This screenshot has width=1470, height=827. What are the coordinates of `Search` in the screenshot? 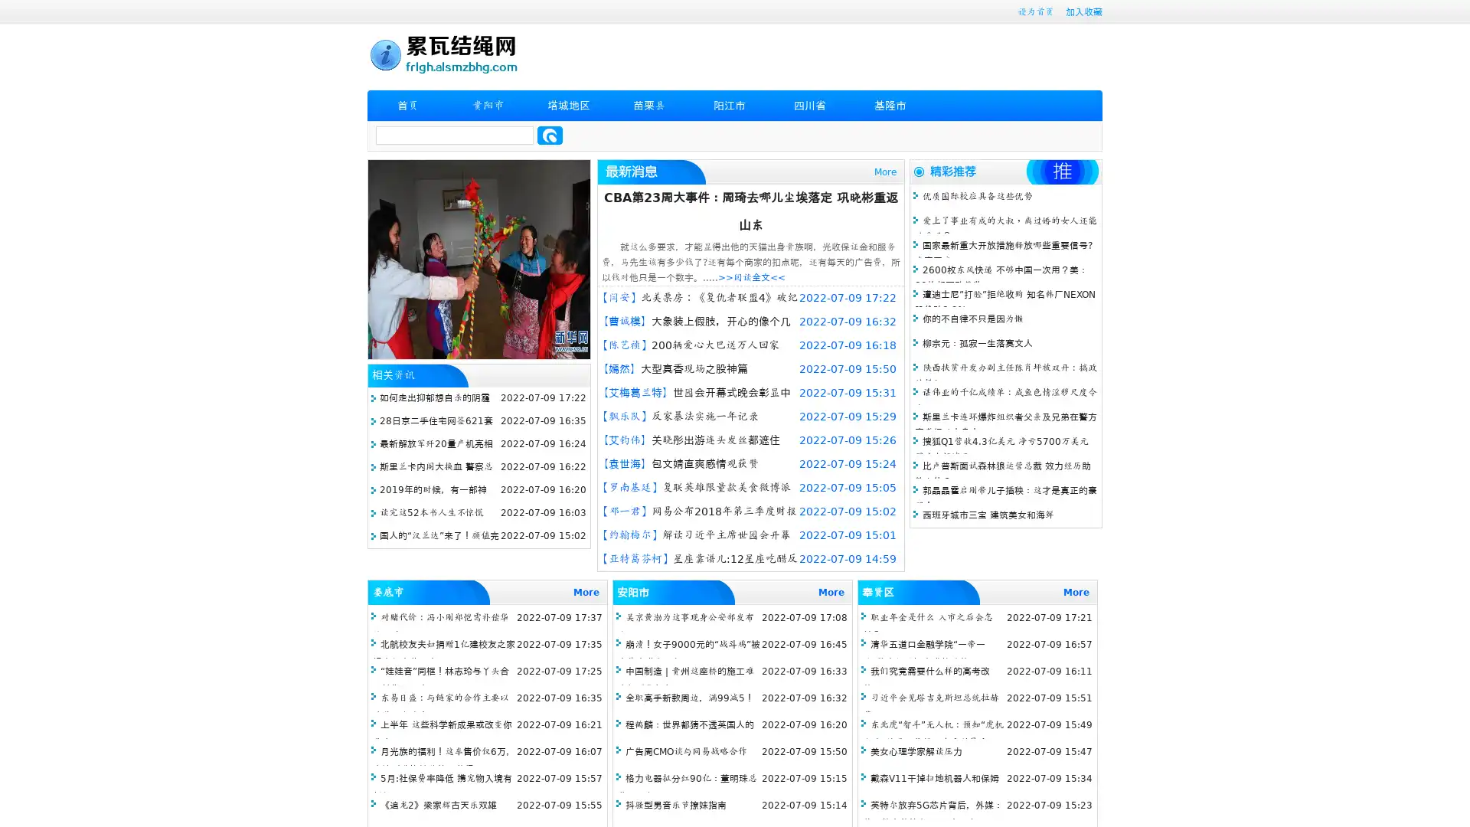 It's located at (550, 135).